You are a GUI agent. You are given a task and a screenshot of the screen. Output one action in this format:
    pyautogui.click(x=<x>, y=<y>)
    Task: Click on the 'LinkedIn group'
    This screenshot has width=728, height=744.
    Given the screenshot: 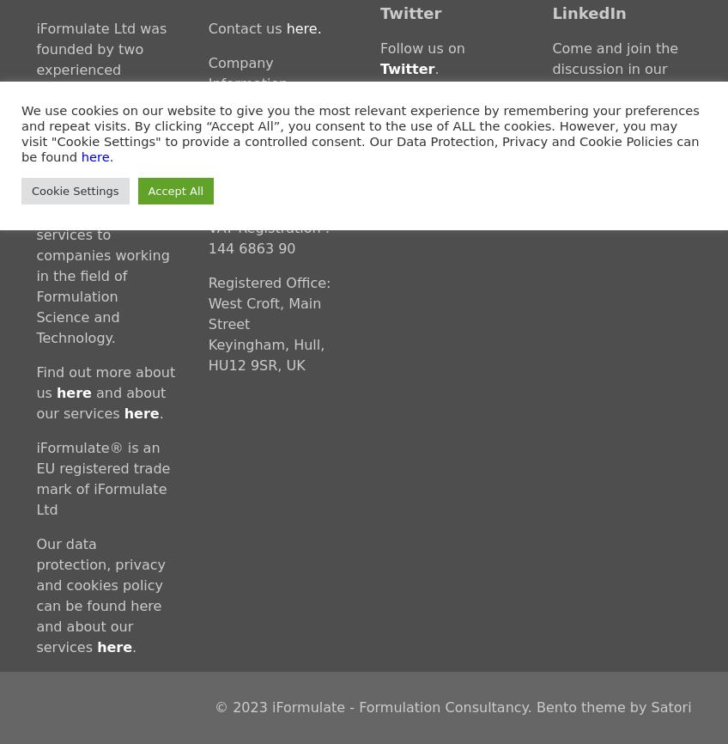 What is the action you would take?
    pyautogui.click(x=551, y=89)
    